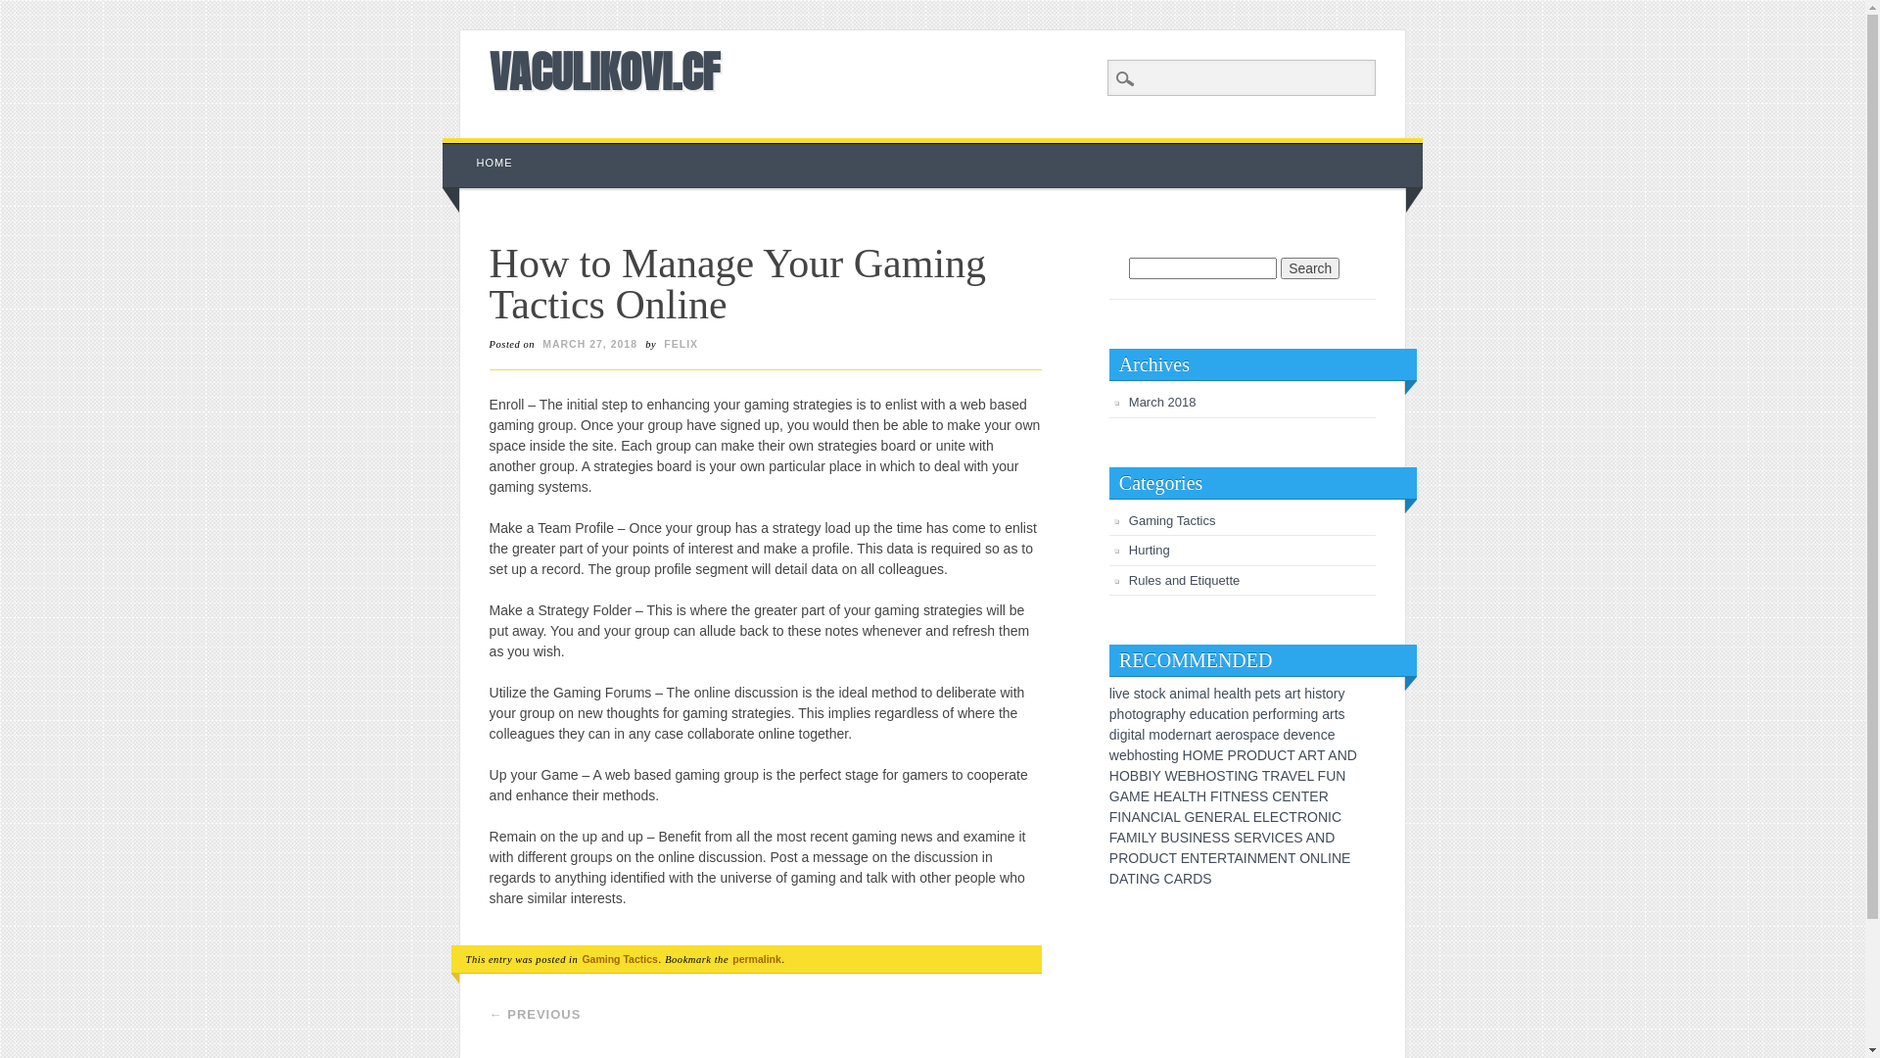 This screenshot has height=1058, width=1880. Describe the element at coordinates (603, 71) in the screenshot. I see `'VACULIKOVI.CF'` at that location.